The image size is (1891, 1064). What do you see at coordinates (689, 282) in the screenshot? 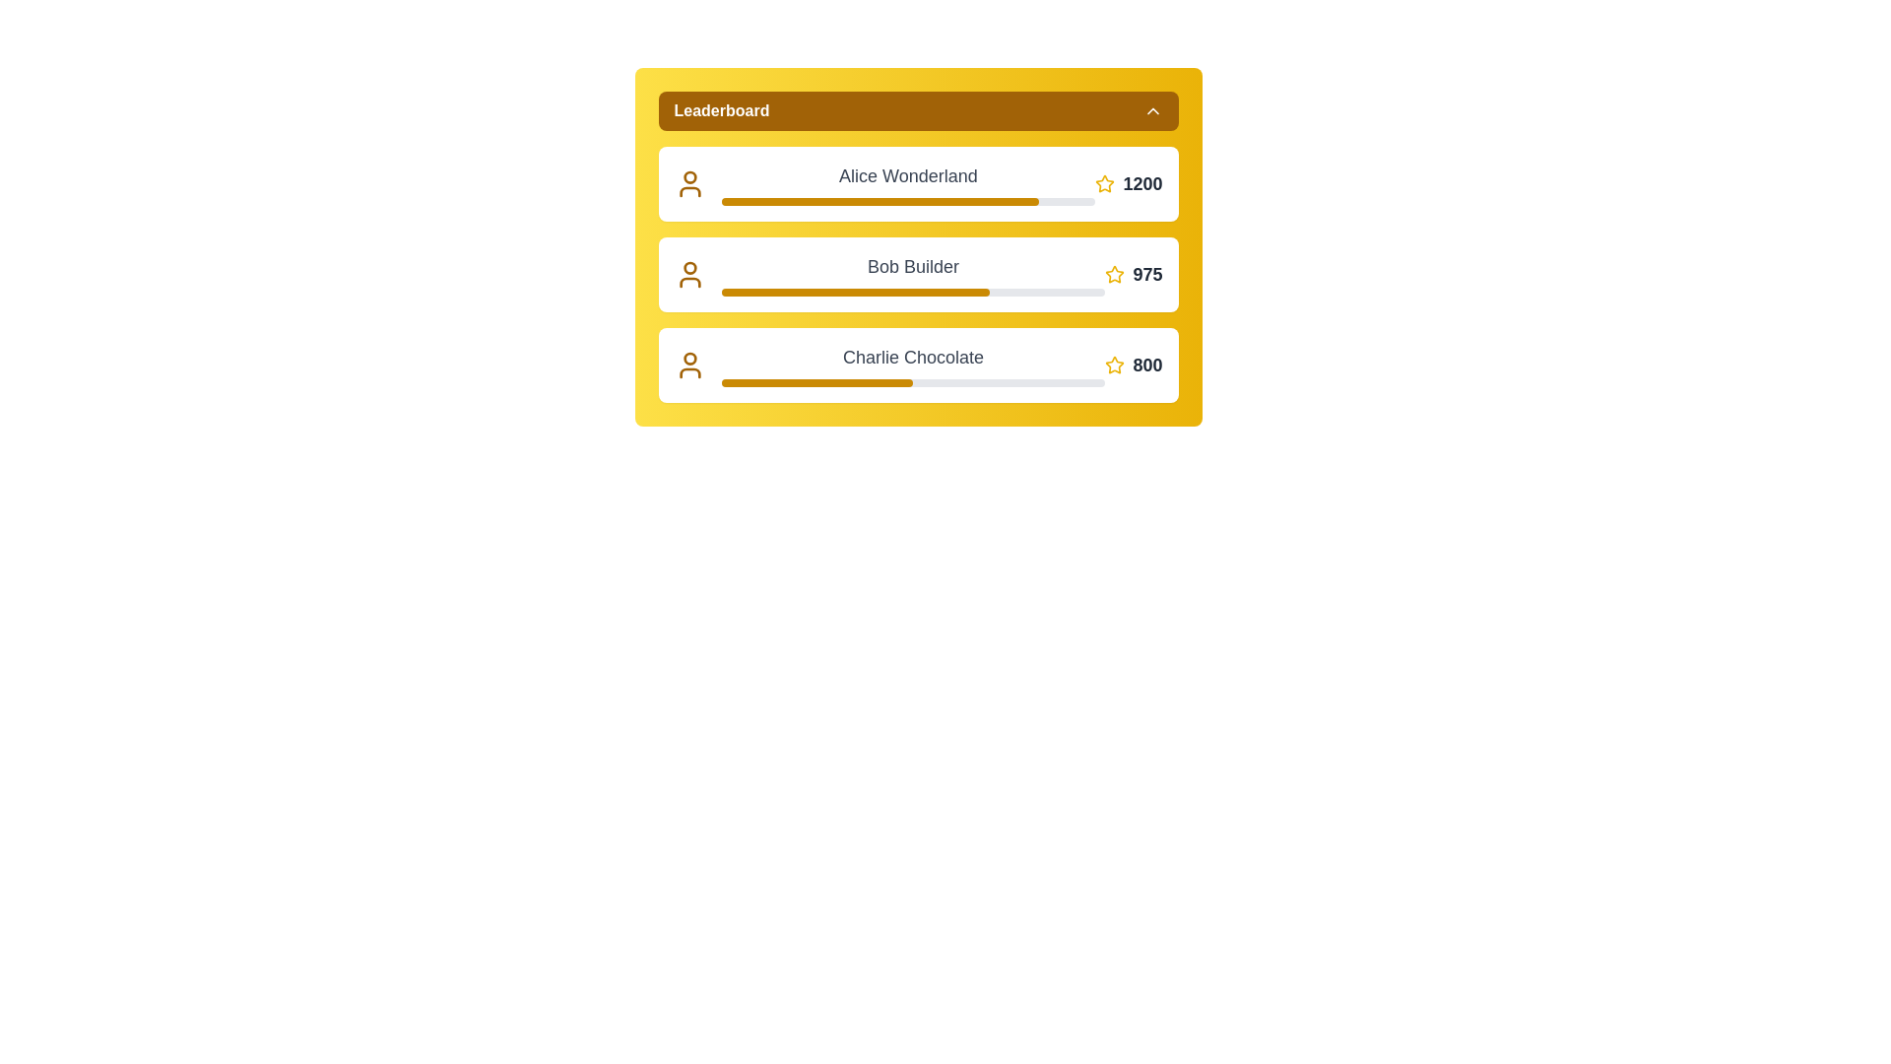
I see `the user profile icon resembling a torso section of a human figure, located to the left of the text 'Bob Builder' in the leaderboard` at bounding box center [689, 282].